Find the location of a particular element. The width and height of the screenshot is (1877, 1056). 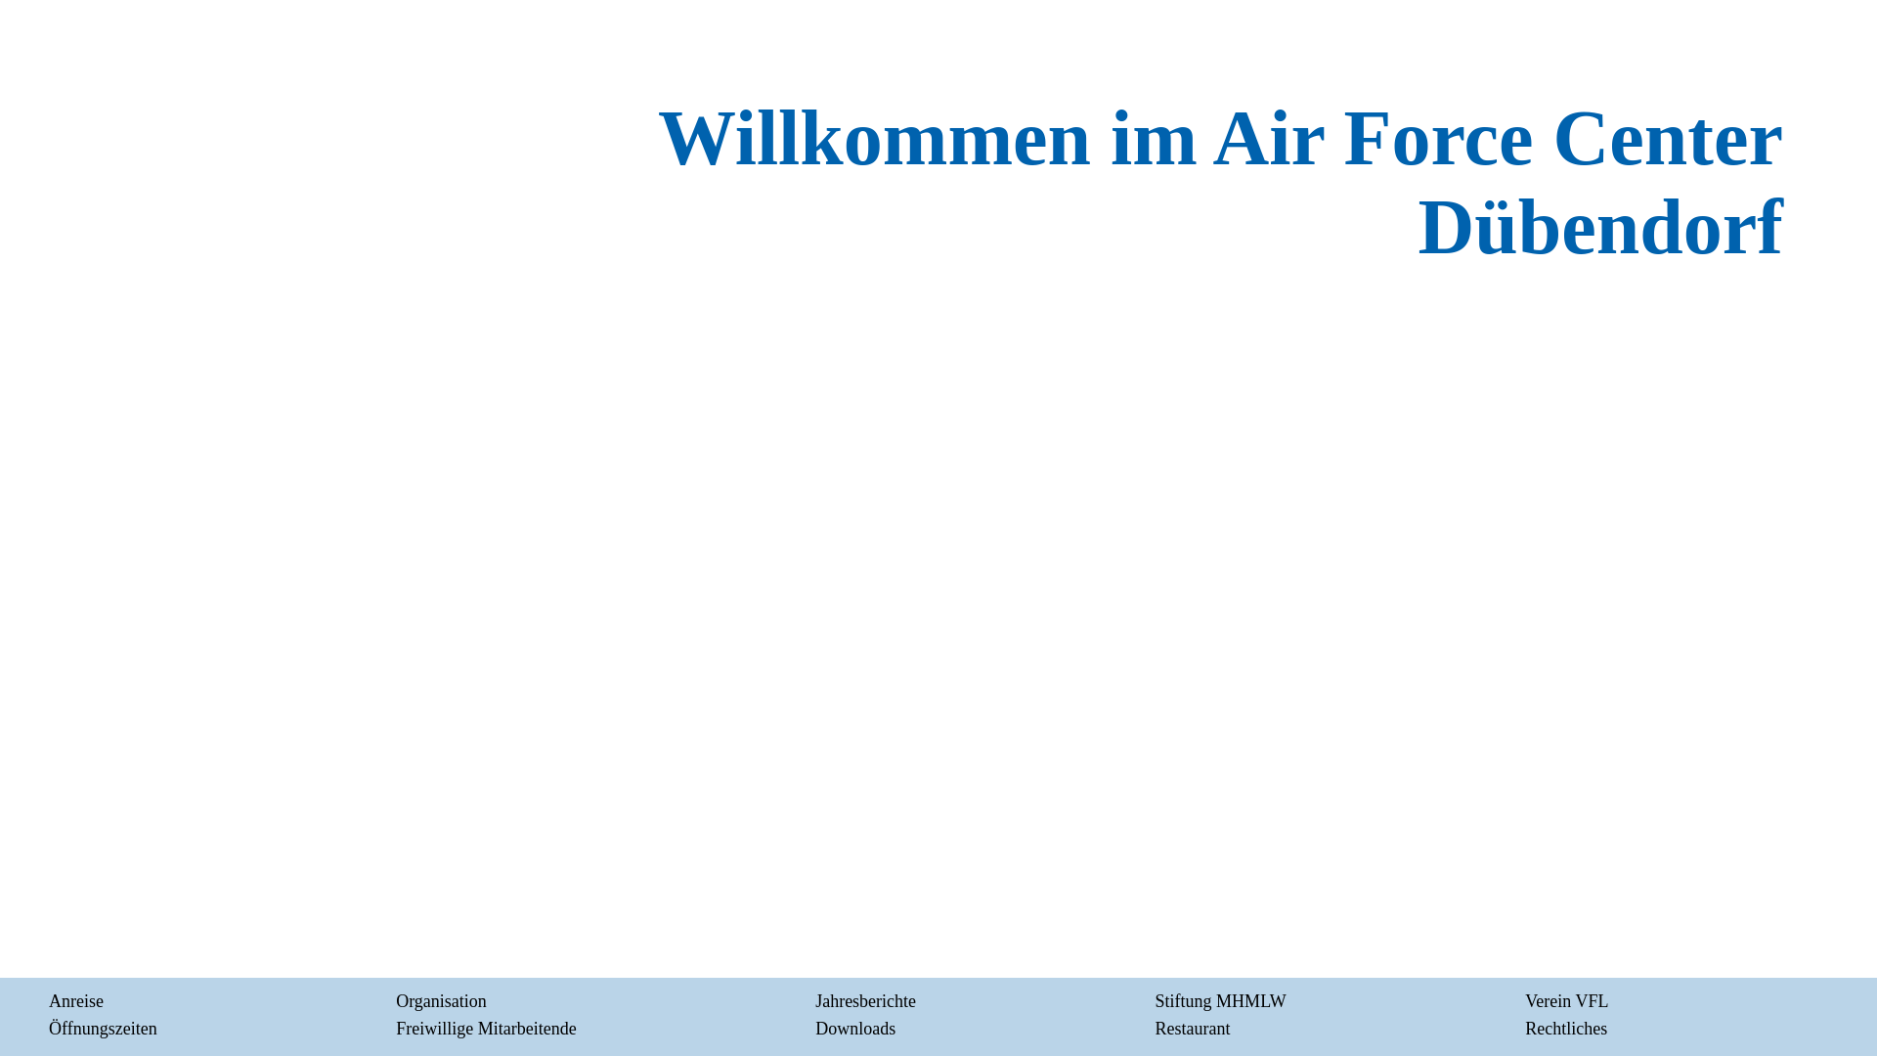

'Jahresberichte' is located at coordinates (815, 1000).